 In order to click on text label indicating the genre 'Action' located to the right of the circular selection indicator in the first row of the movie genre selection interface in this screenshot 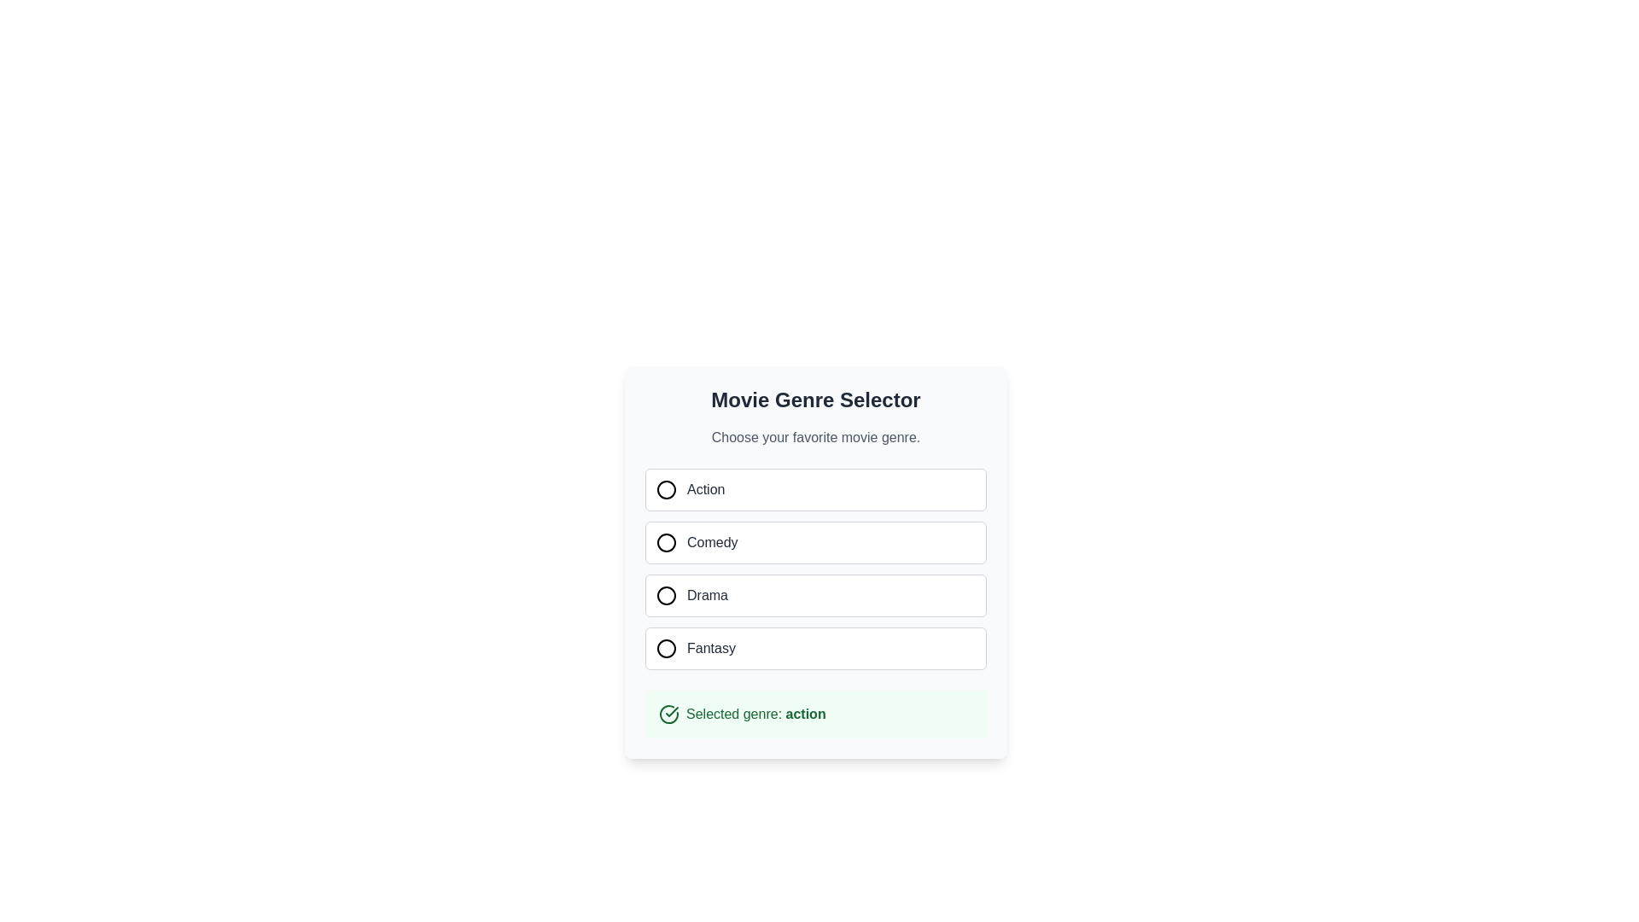, I will do `click(706, 490)`.